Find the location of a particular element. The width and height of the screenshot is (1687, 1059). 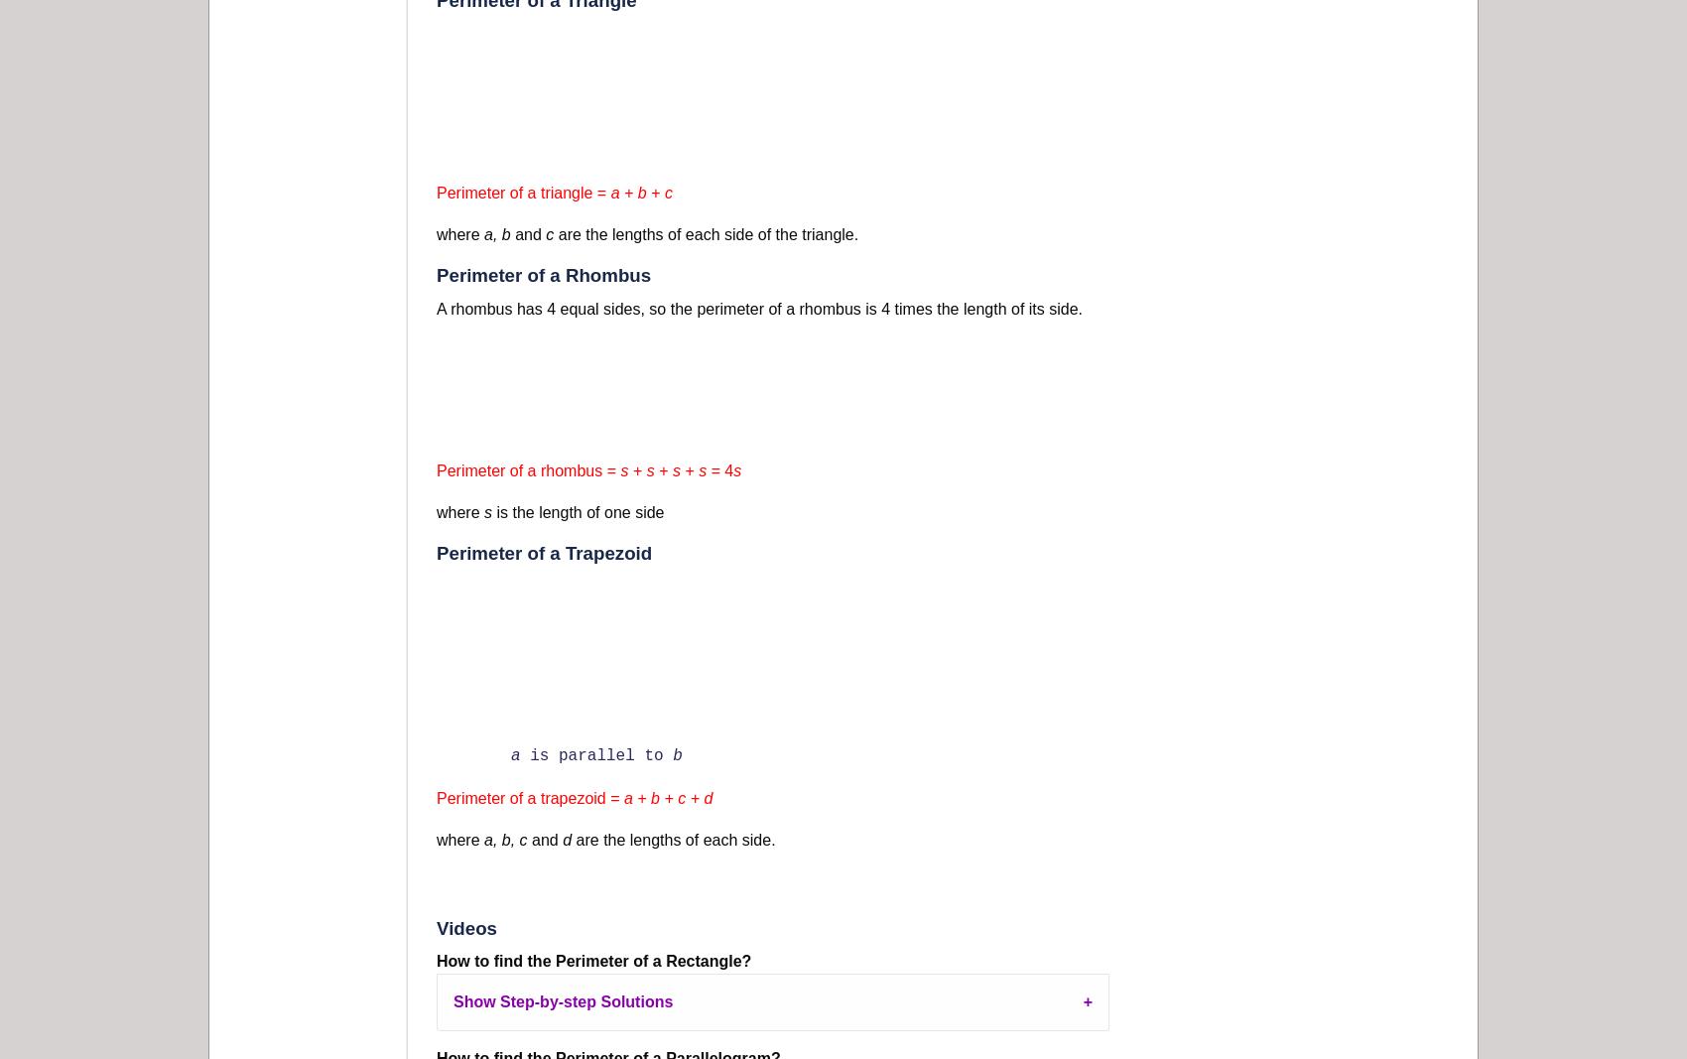

'are the lengths of each side.' is located at coordinates (673, 838).